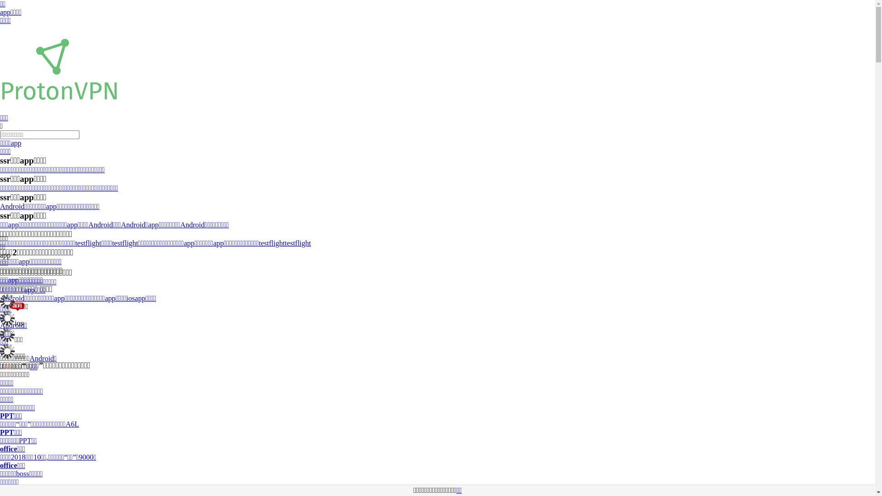 This screenshot has width=882, height=496. Describe the element at coordinates (130, 298) in the screenshot. I see `'ios'` at that location.